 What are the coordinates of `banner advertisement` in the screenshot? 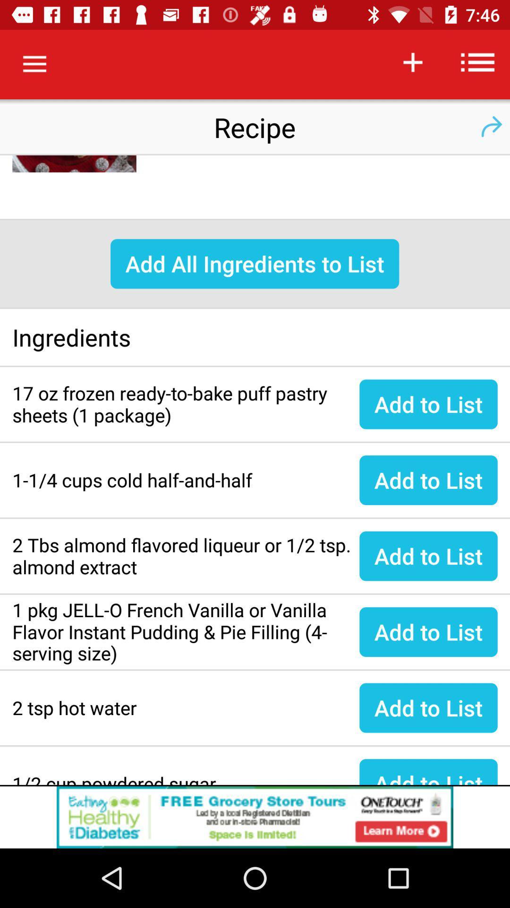 It's located at (255, 817).